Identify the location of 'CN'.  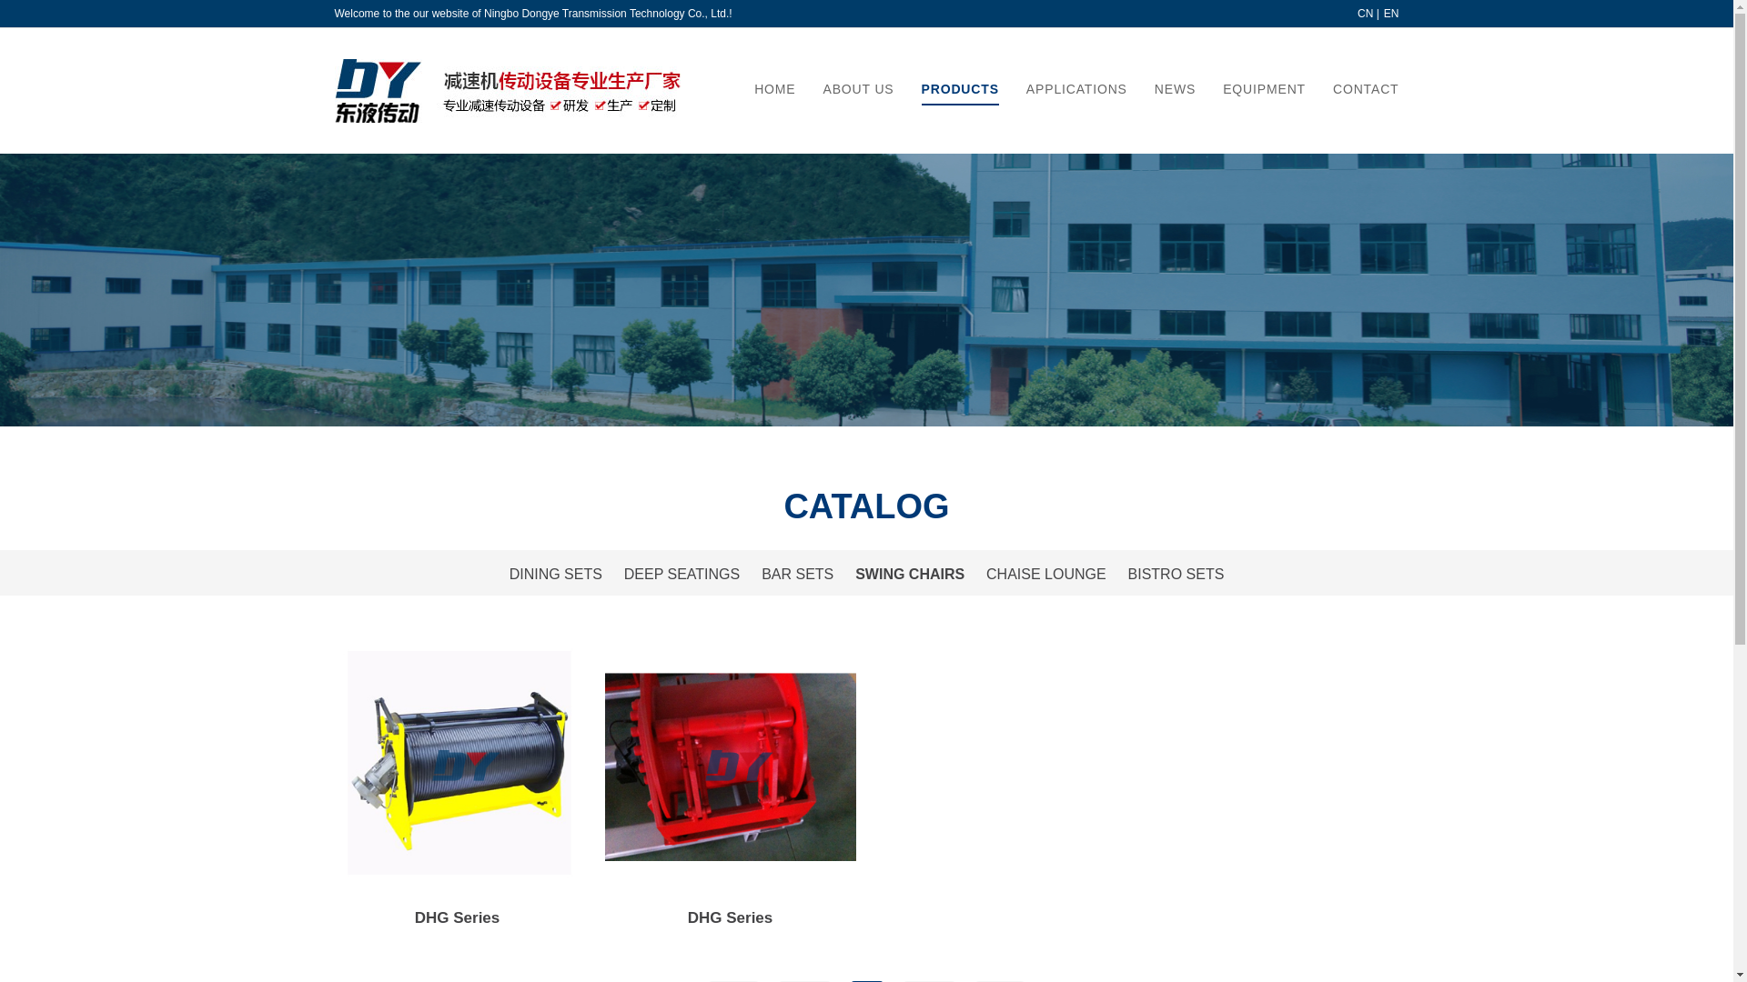
(1358, 14).